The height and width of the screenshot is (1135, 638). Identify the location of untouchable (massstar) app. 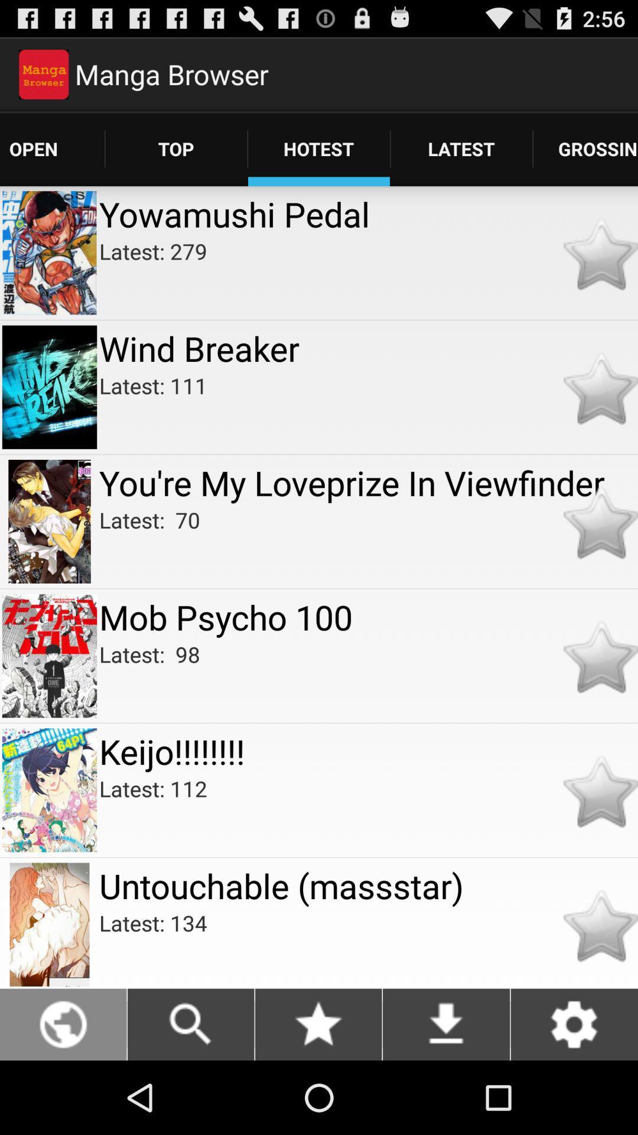
(368, 886).